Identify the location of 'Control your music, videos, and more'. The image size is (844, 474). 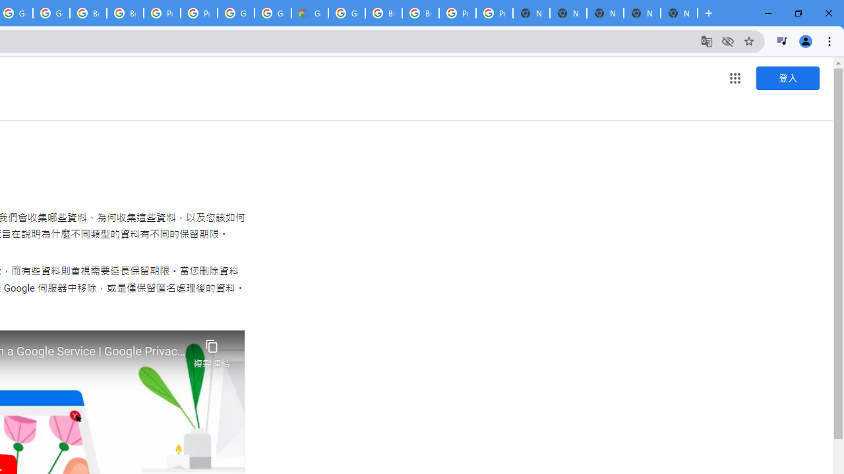
(781, 40).